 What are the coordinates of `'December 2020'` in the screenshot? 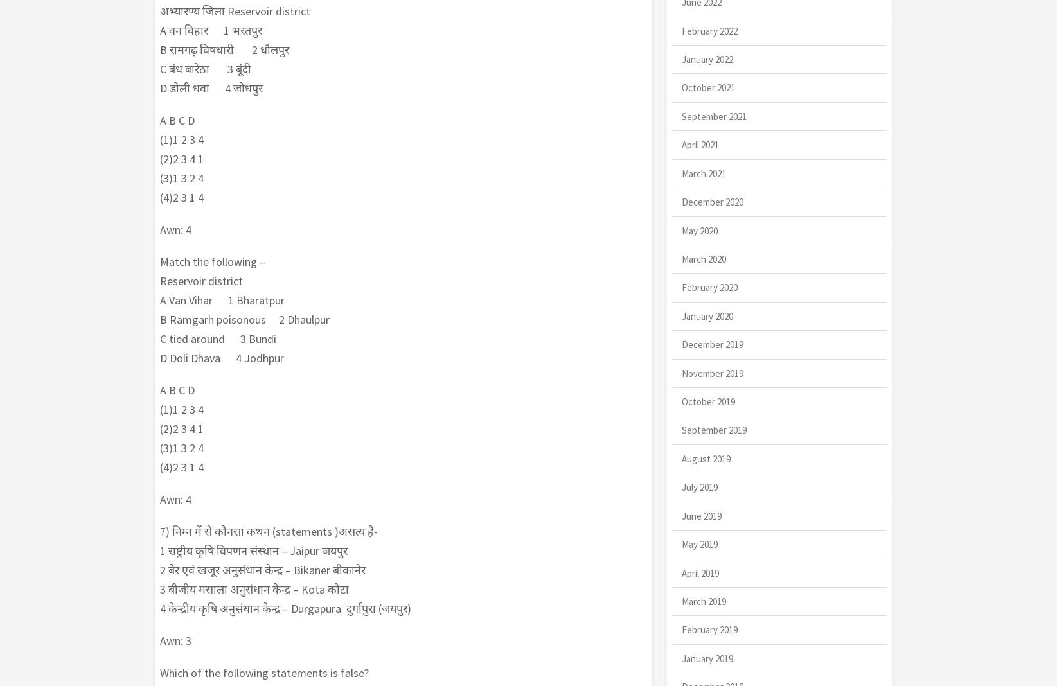 It's located at (711, 201).